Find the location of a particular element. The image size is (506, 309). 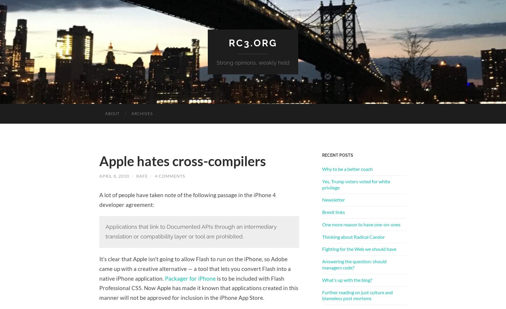

'Answering the question: should managers code?' is located at coordinates (354, 264).